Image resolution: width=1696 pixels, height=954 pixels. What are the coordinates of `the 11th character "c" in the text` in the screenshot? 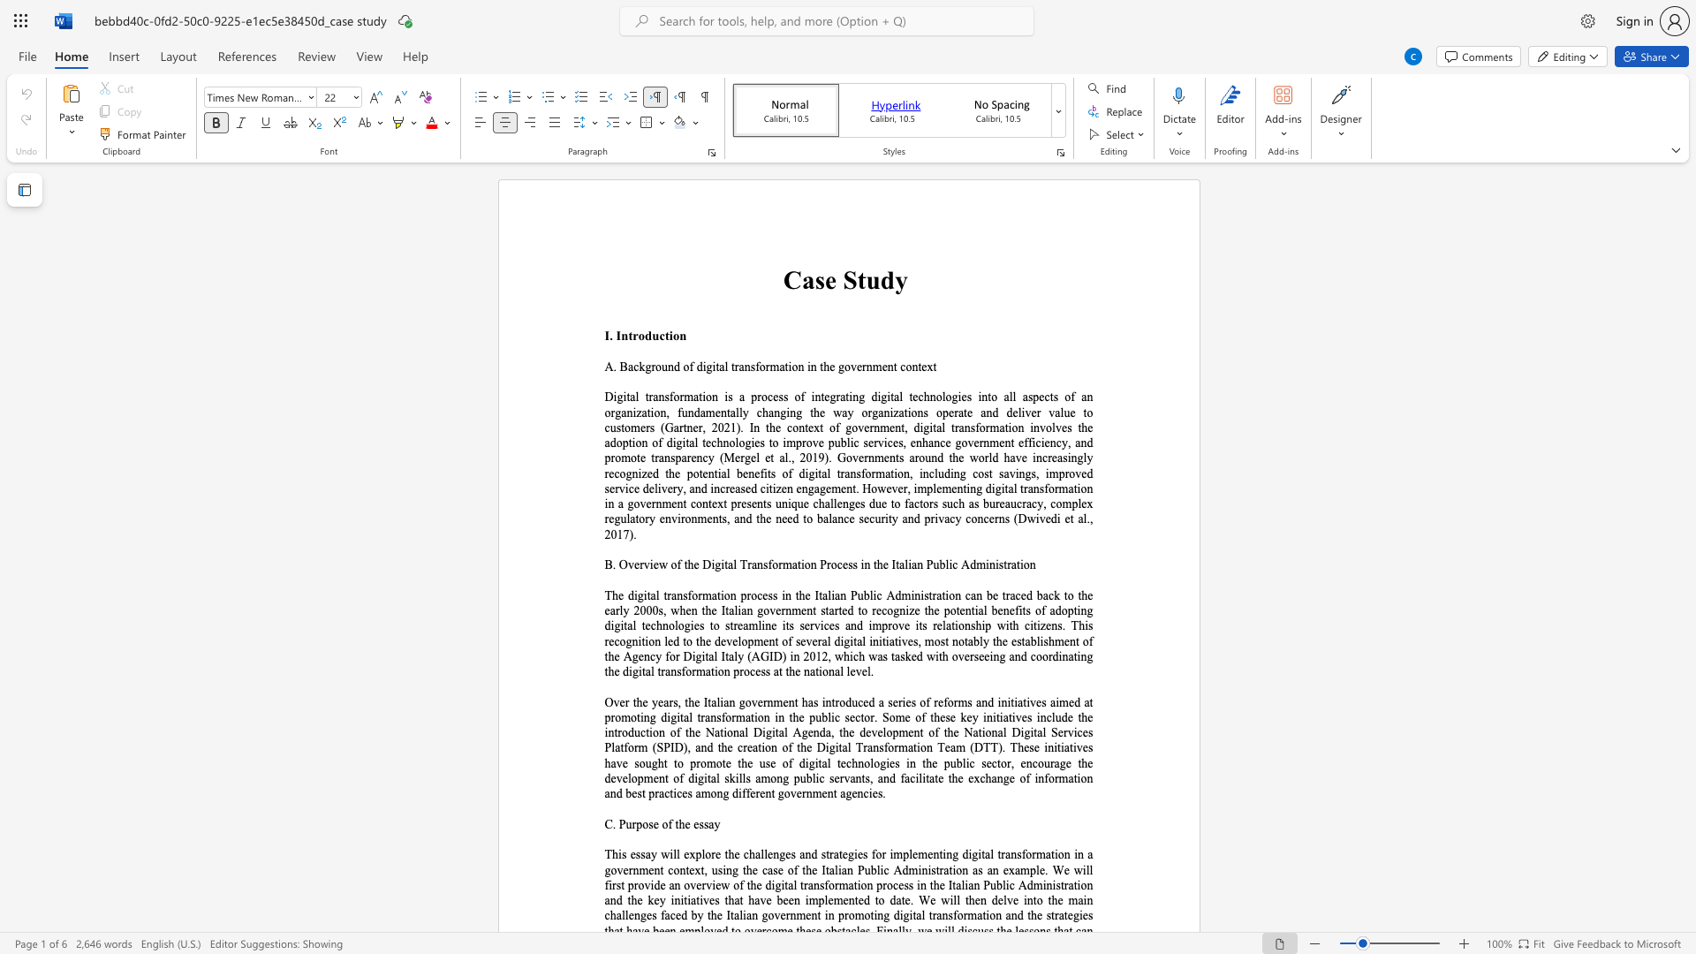 It's located at (1034, 762).